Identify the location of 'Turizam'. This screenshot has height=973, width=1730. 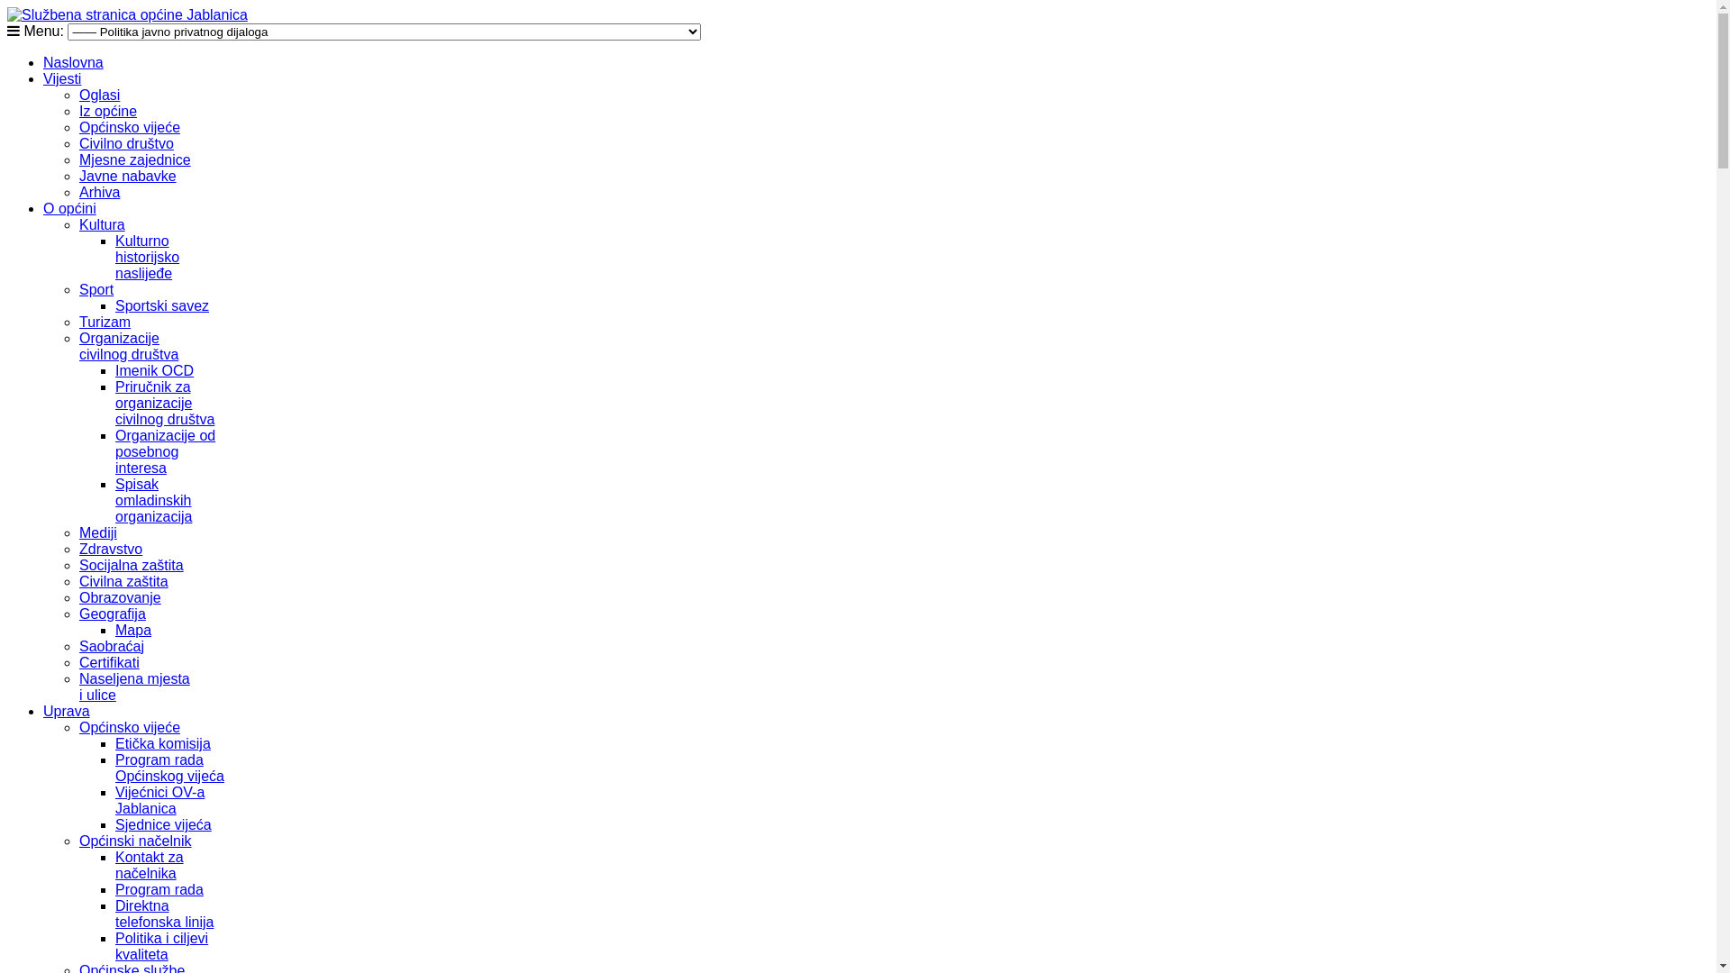
(77, 321).